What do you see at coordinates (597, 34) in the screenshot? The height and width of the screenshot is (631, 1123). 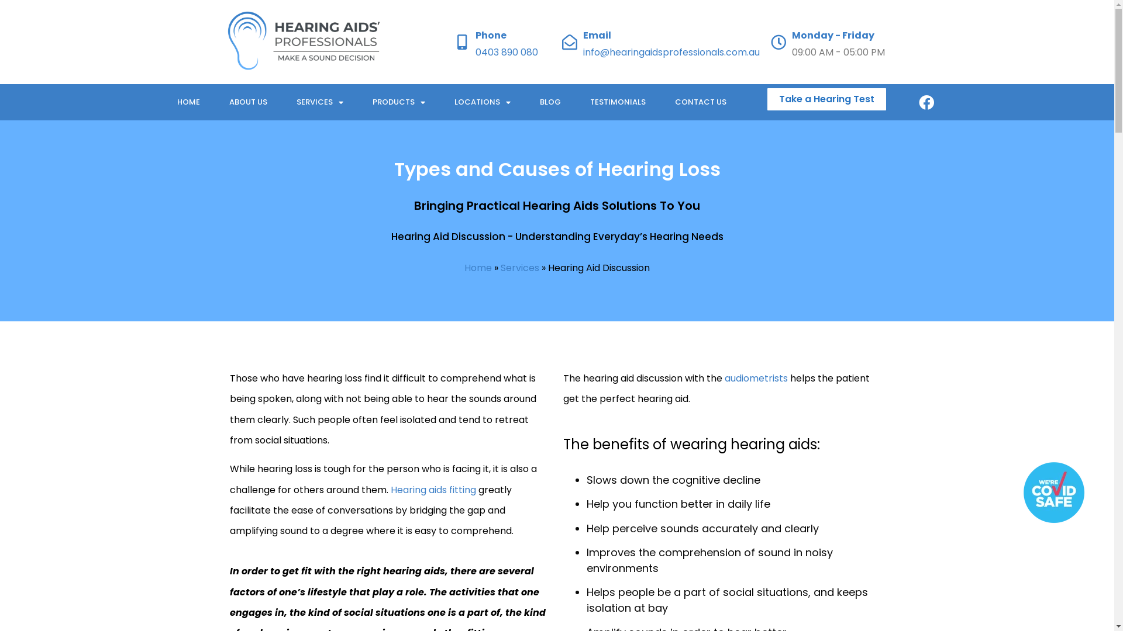 I see `'Email'` at bounding box center [597, 34].